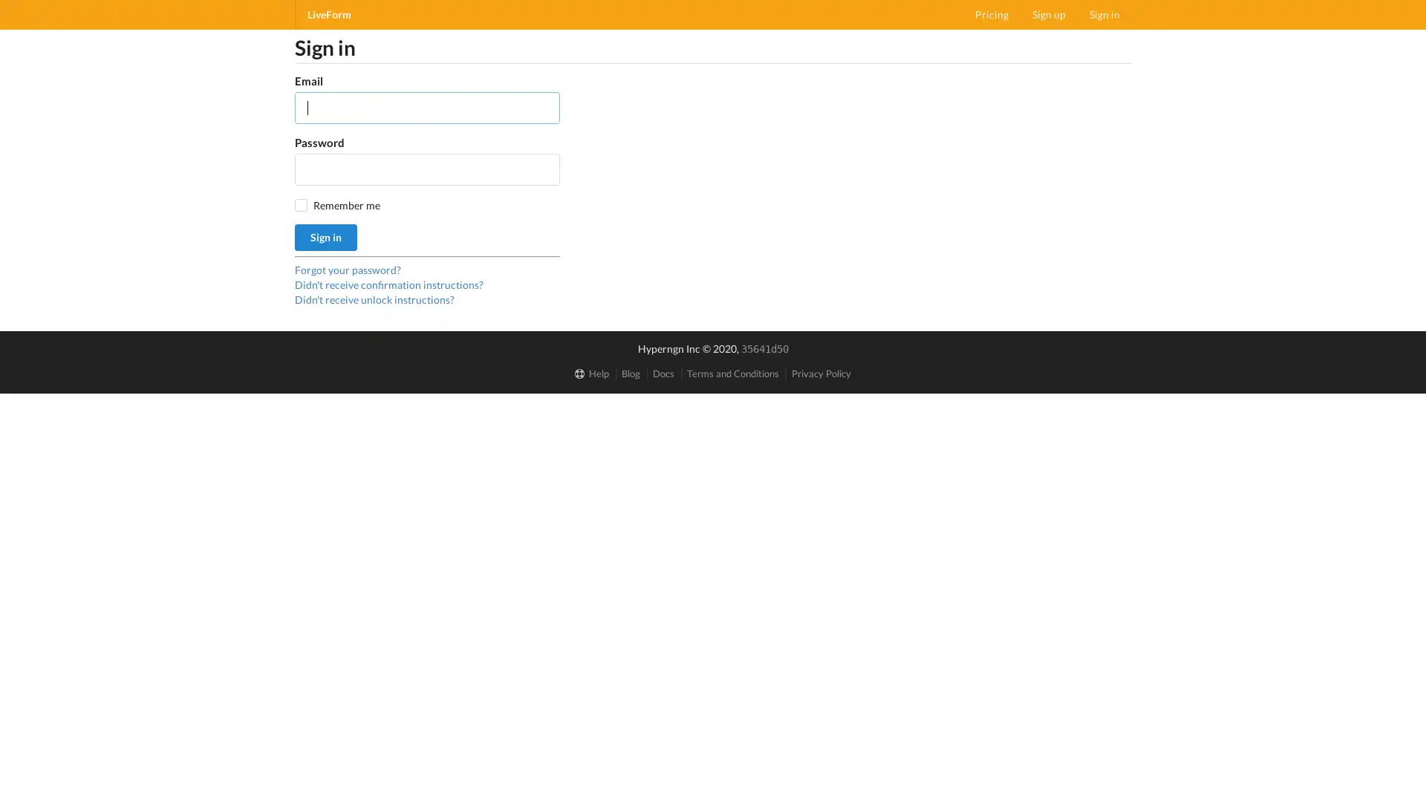 This screenshot has height=802, width=1426. Describe the element at coordinates (324, 237) in the screenshot. I see `Sign in` at that location.